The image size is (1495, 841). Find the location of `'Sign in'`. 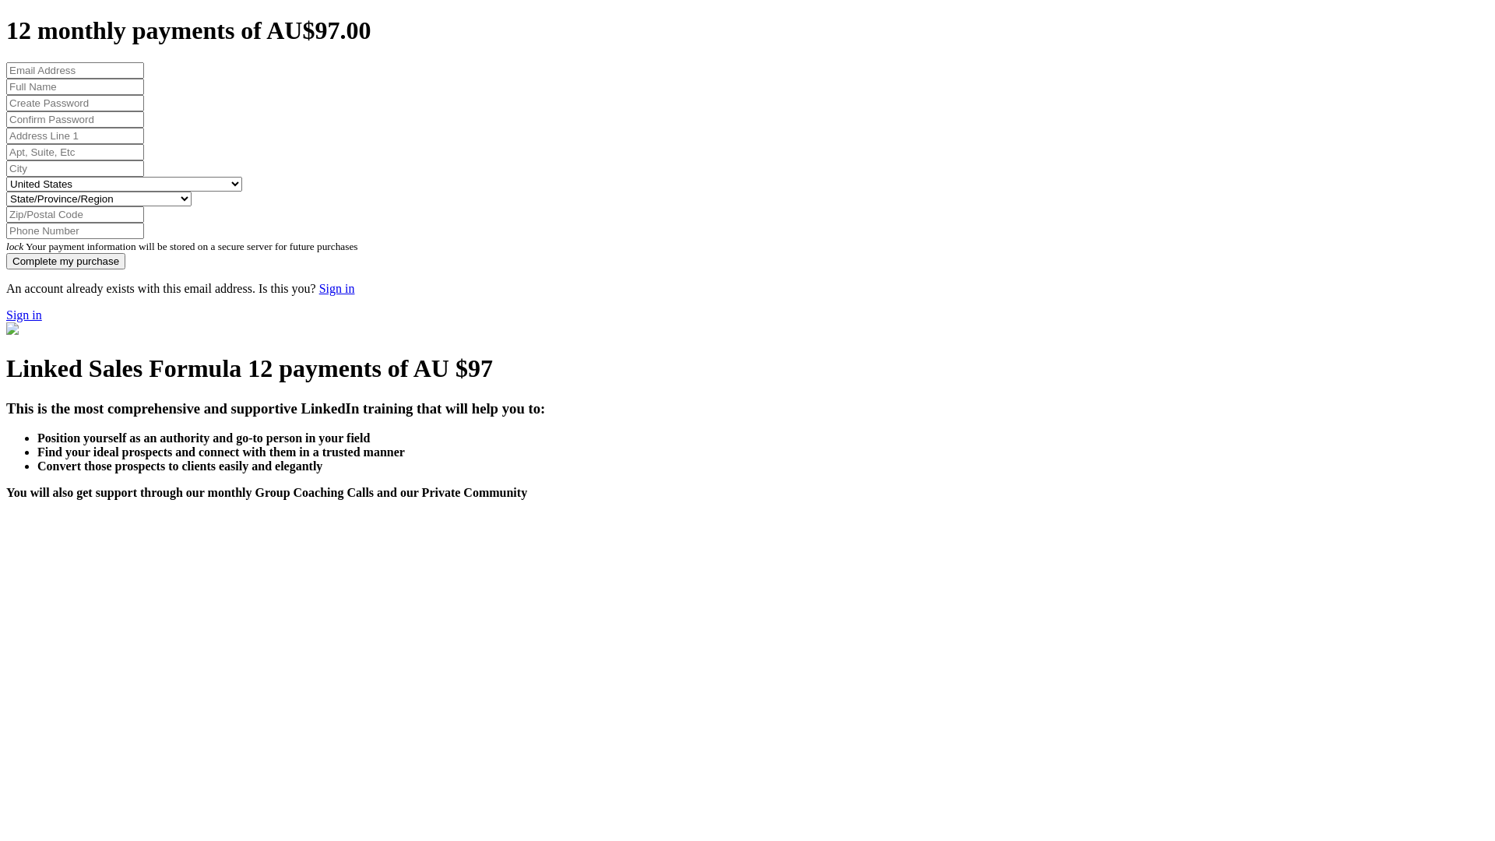

'Sign in' is located at coordinates (23, 315).